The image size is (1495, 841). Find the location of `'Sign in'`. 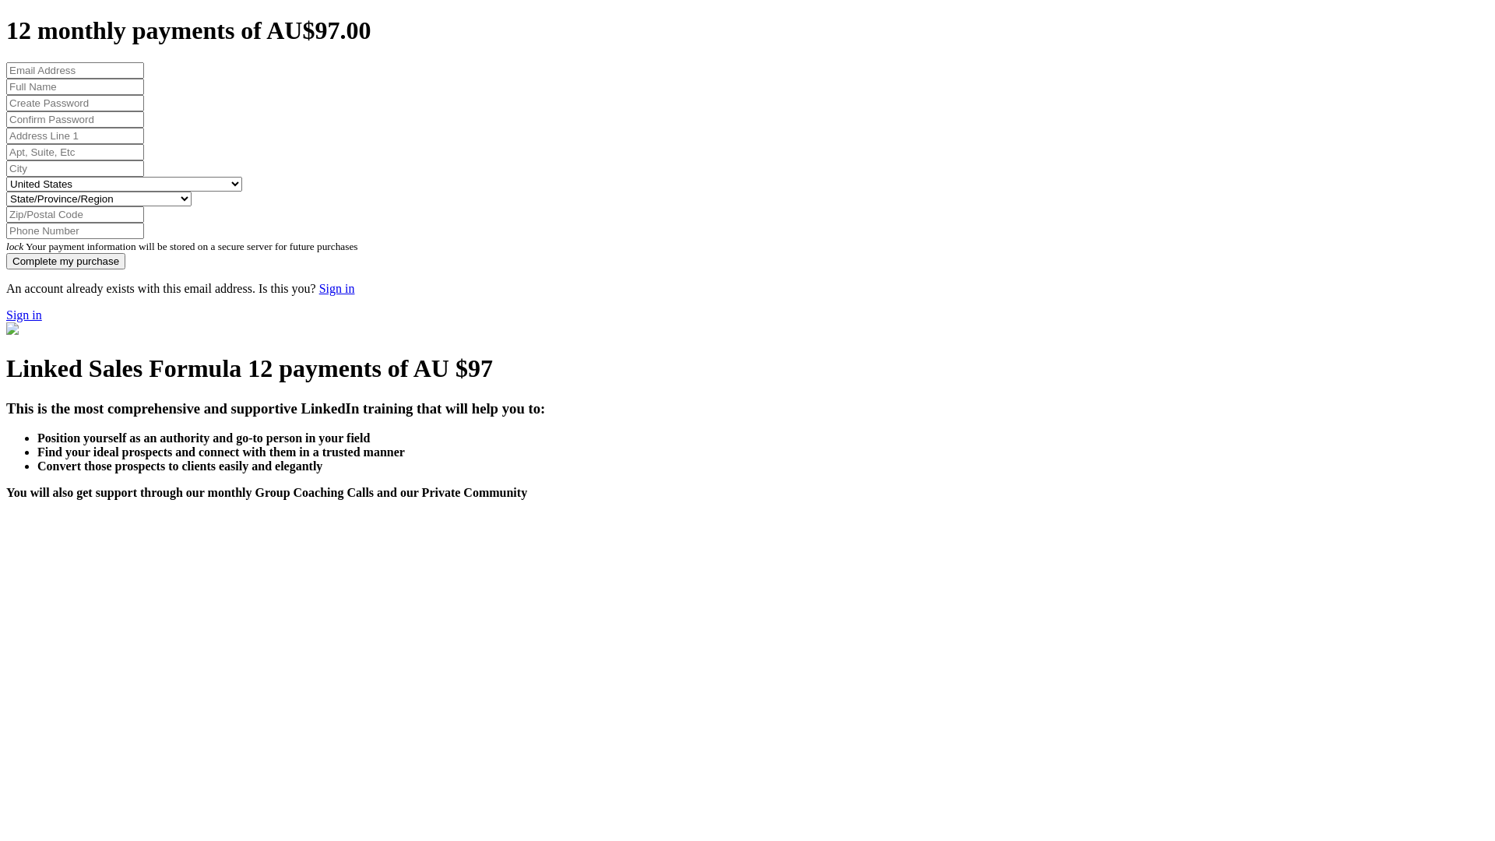

'Sign in' is located at coordinates (23, 315).